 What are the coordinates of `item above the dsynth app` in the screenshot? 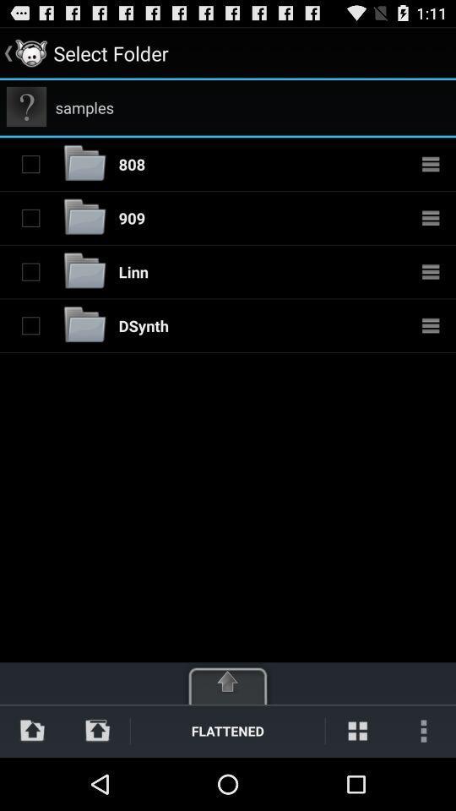 It's located at (133, 271).